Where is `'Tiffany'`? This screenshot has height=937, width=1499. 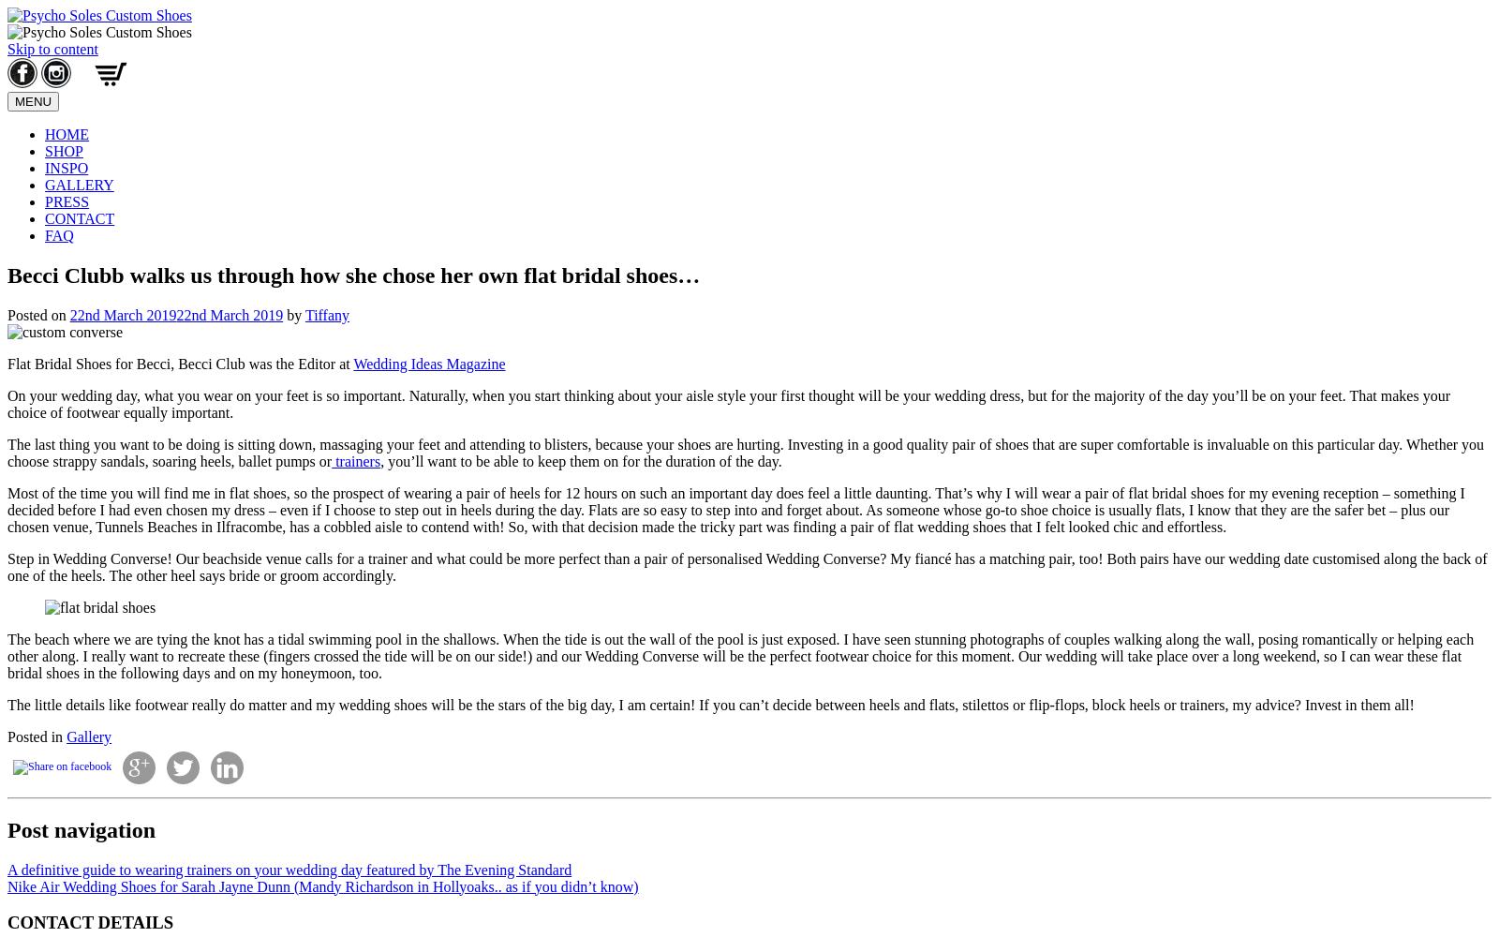 'Tiffany' is located at coordinates (304, 313).